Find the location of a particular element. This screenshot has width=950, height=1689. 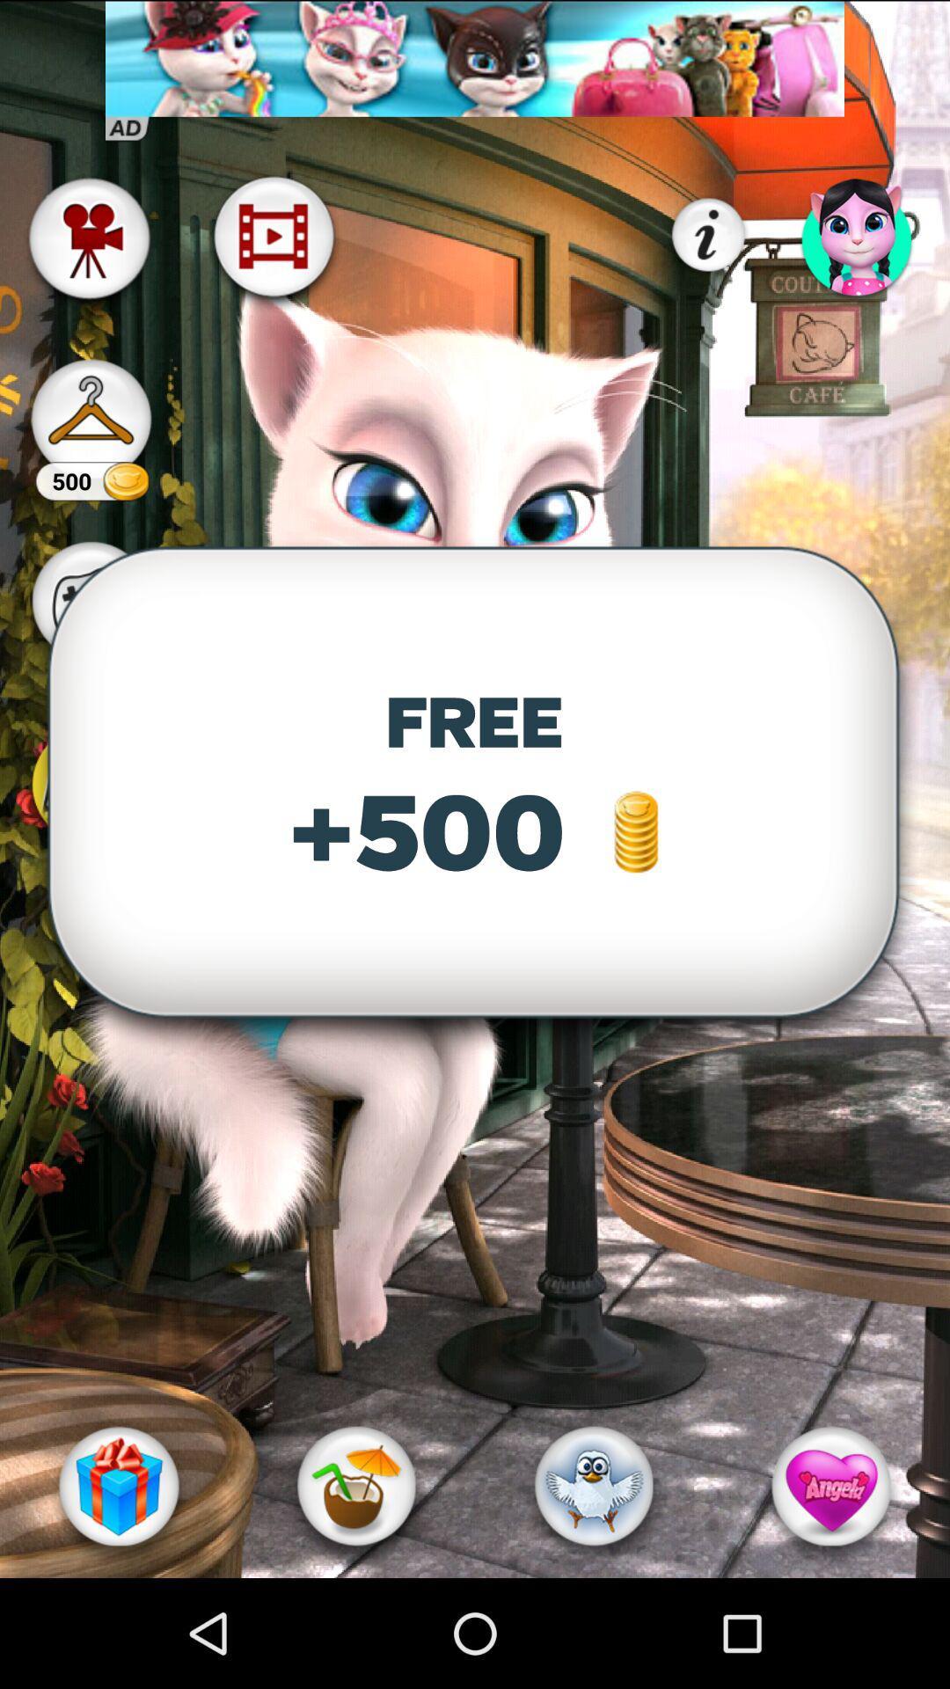

the info icon which is on the top right is located at coordinates (708, 235).